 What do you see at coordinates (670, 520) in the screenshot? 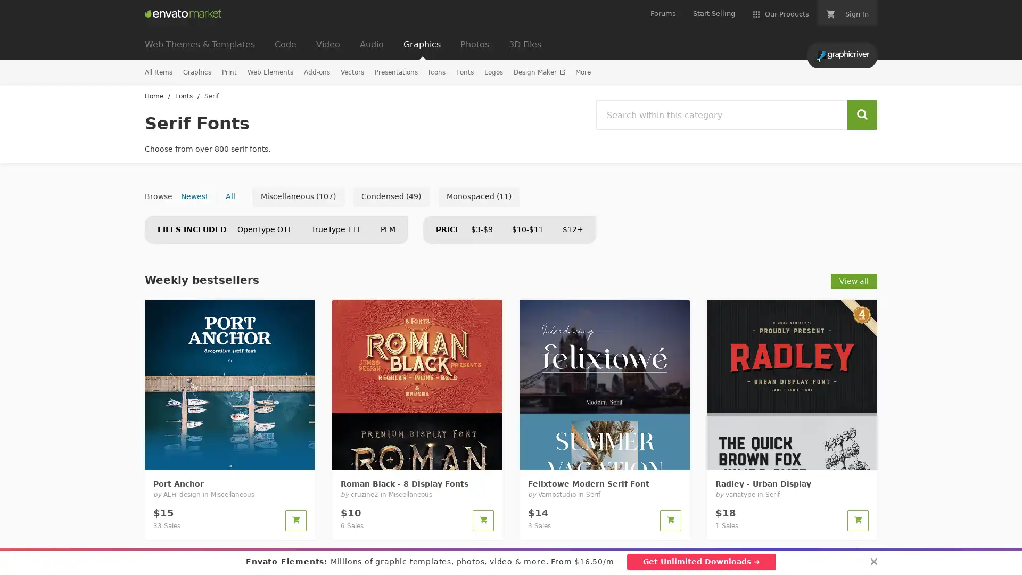
I see `Add to cart` at bounding box center [670, 520].